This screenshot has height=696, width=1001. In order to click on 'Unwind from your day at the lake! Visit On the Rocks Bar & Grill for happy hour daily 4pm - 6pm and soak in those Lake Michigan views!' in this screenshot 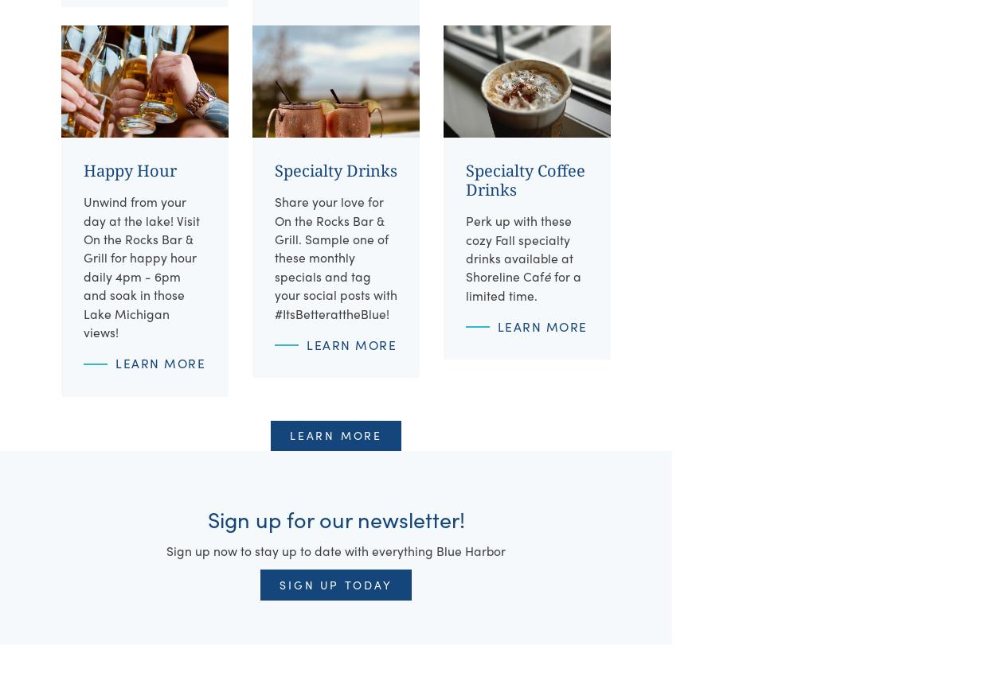, I will do `click(141, 266)`.